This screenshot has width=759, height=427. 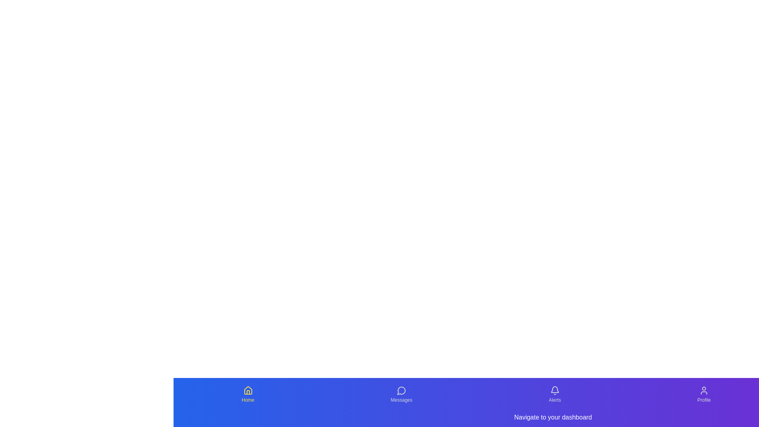 I want to click on the Alerts tab to observe its hover effect, so click(x=554, y=395).